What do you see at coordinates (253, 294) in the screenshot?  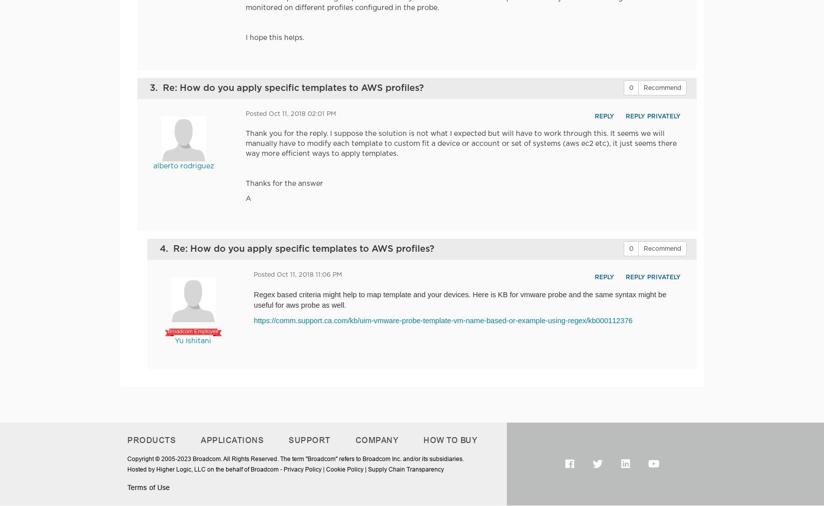 I see `'Regex based criteria might help to map template and your devices. Here is KB for'` at bounding box center [253, 294].